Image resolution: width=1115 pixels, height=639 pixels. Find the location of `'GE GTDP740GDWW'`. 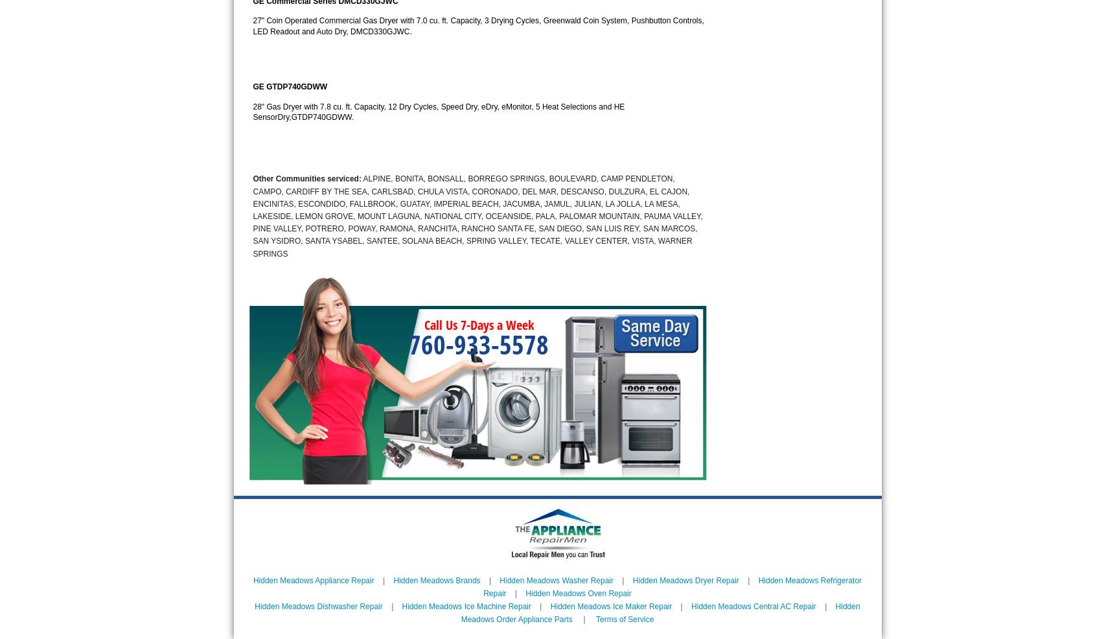

'GE GTDP740GDWW' is located at coordinates (252, 86).